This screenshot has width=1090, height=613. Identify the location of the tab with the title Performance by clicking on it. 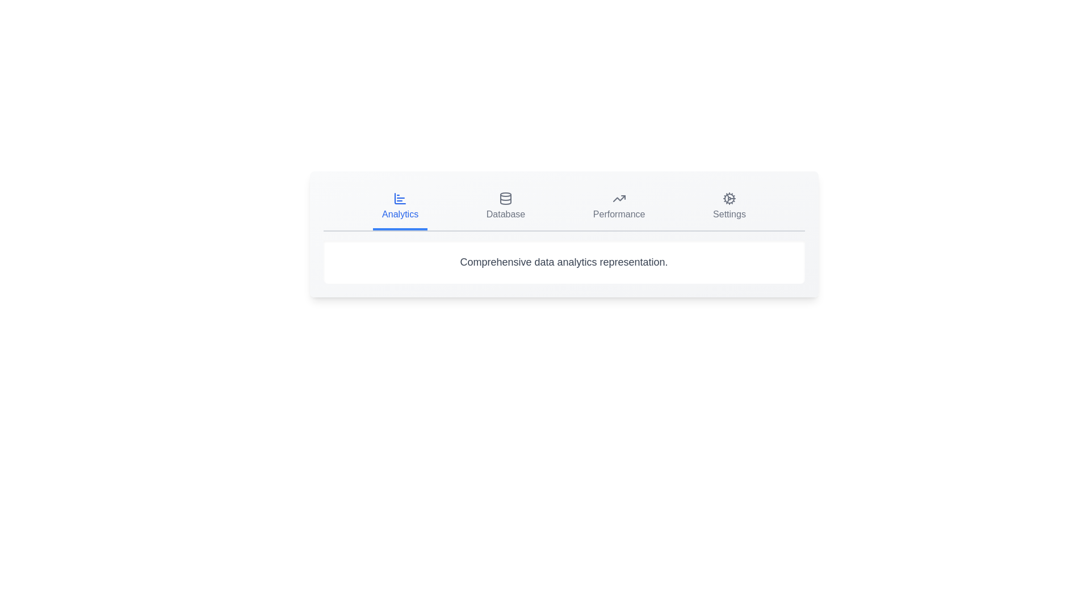
(618, 208).